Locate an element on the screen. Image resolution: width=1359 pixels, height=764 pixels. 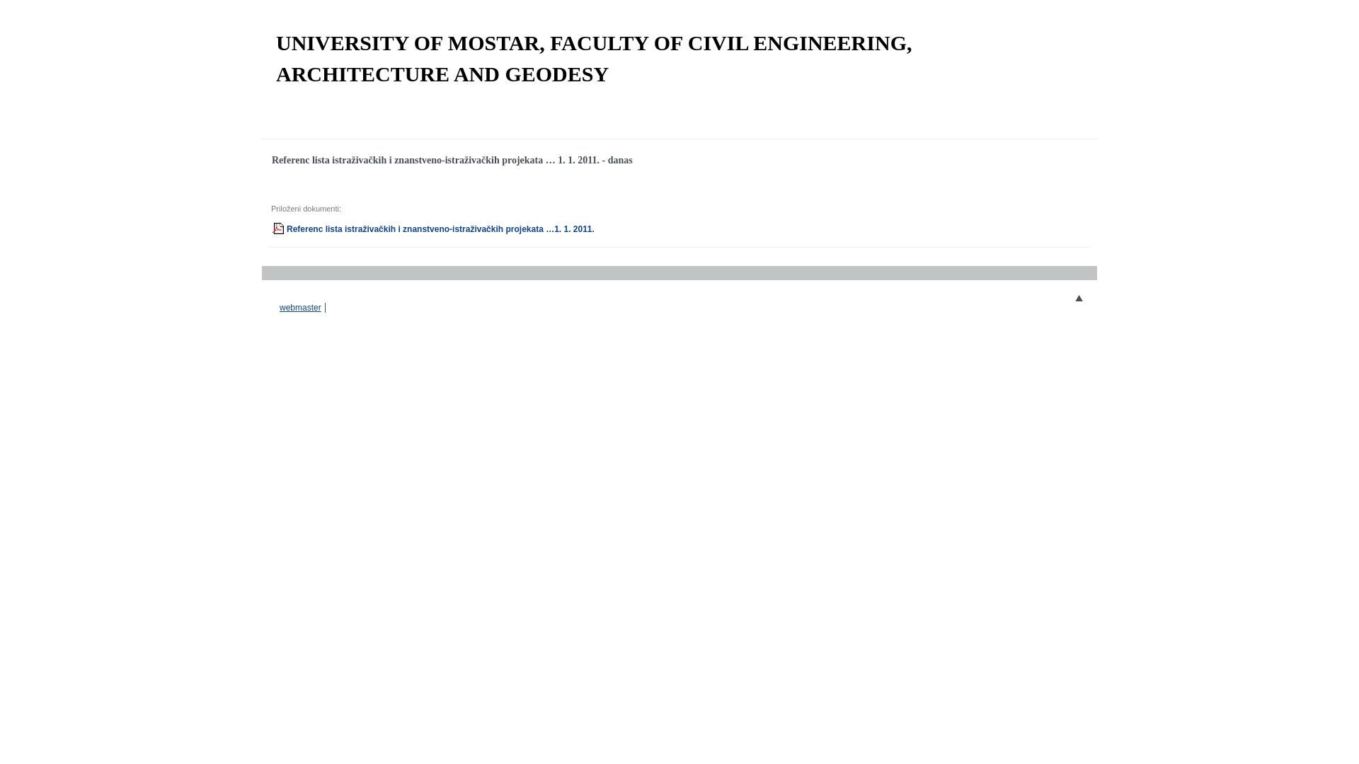
'webmaster' is located at coordinates (299, 307).